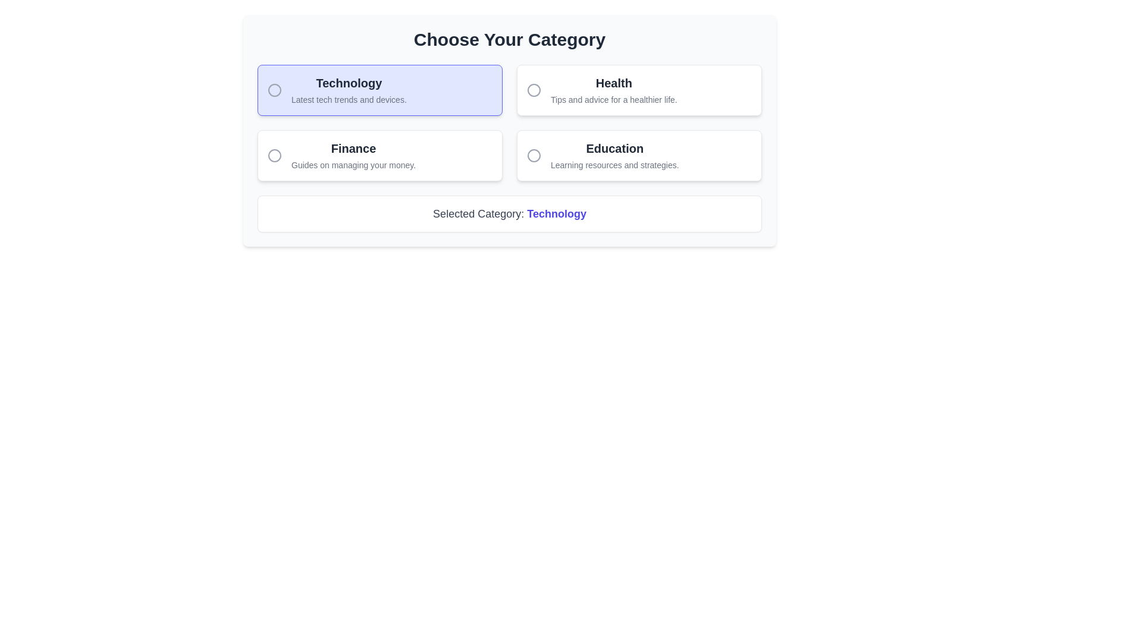  I want to click on the descriptive text element located below the header 'Finance' in the Finance category selection area, which provides contextual information for the Finance category, so click(353, 165).